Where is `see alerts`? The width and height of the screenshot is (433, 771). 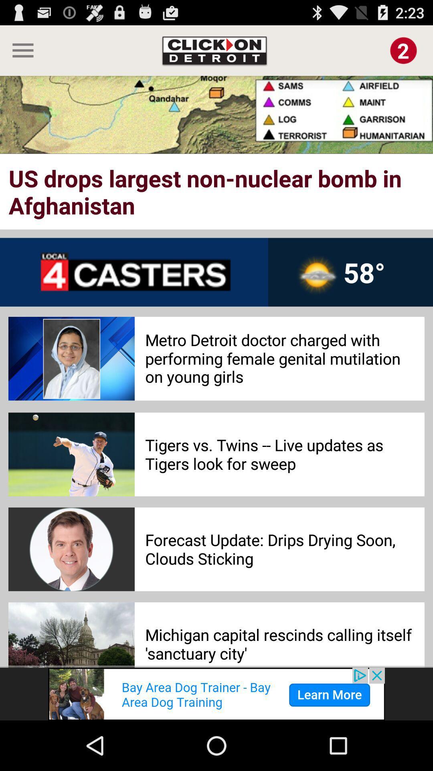 see alerts is located at coordinates (403, 50).